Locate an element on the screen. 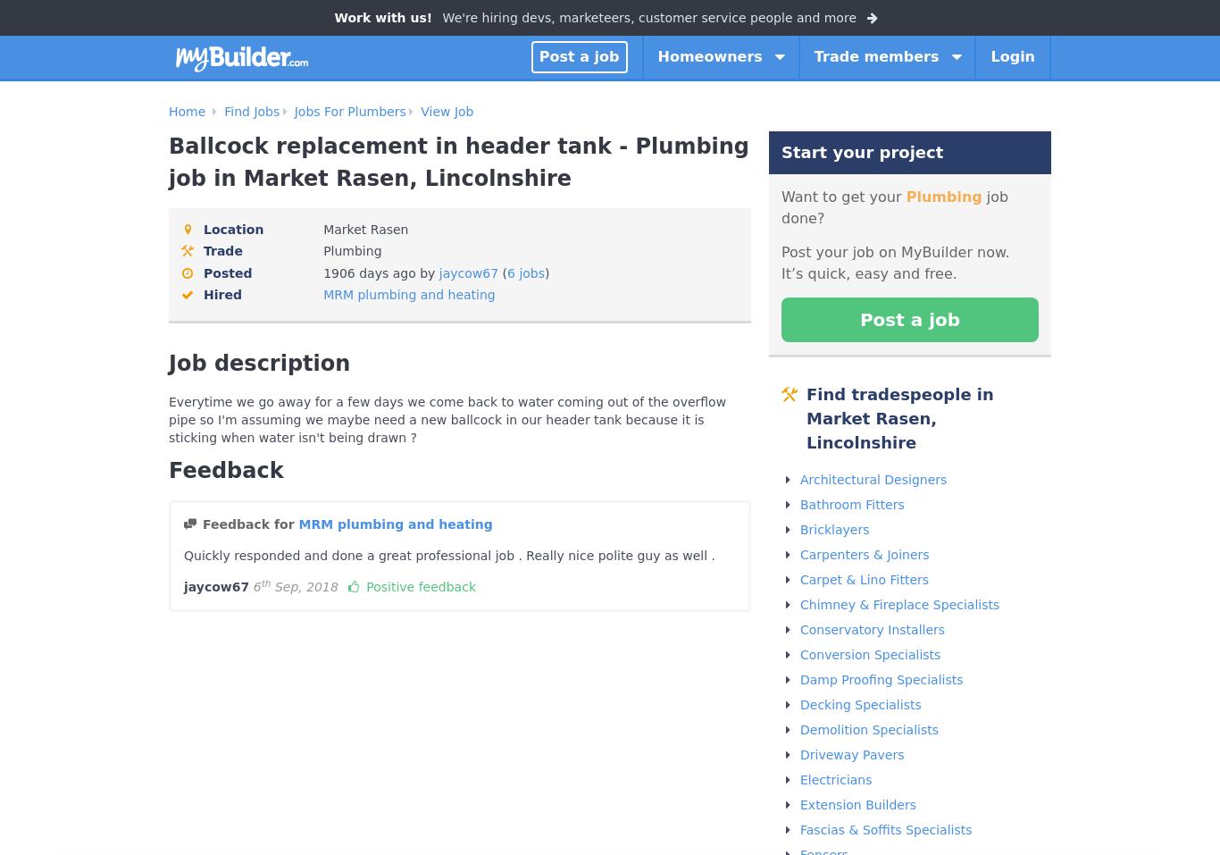  'Accept everything' is located at coordinates (874, 836).